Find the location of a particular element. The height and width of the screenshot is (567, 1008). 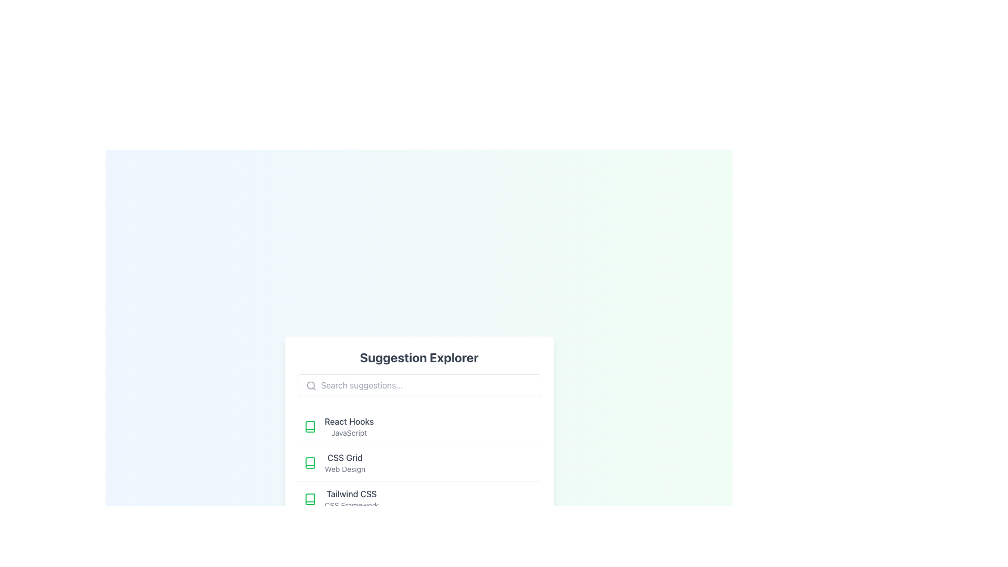

Text label that represents the first suggestion option in the list, located above the 'JavaScript' text is located at coordinates (349, 421).